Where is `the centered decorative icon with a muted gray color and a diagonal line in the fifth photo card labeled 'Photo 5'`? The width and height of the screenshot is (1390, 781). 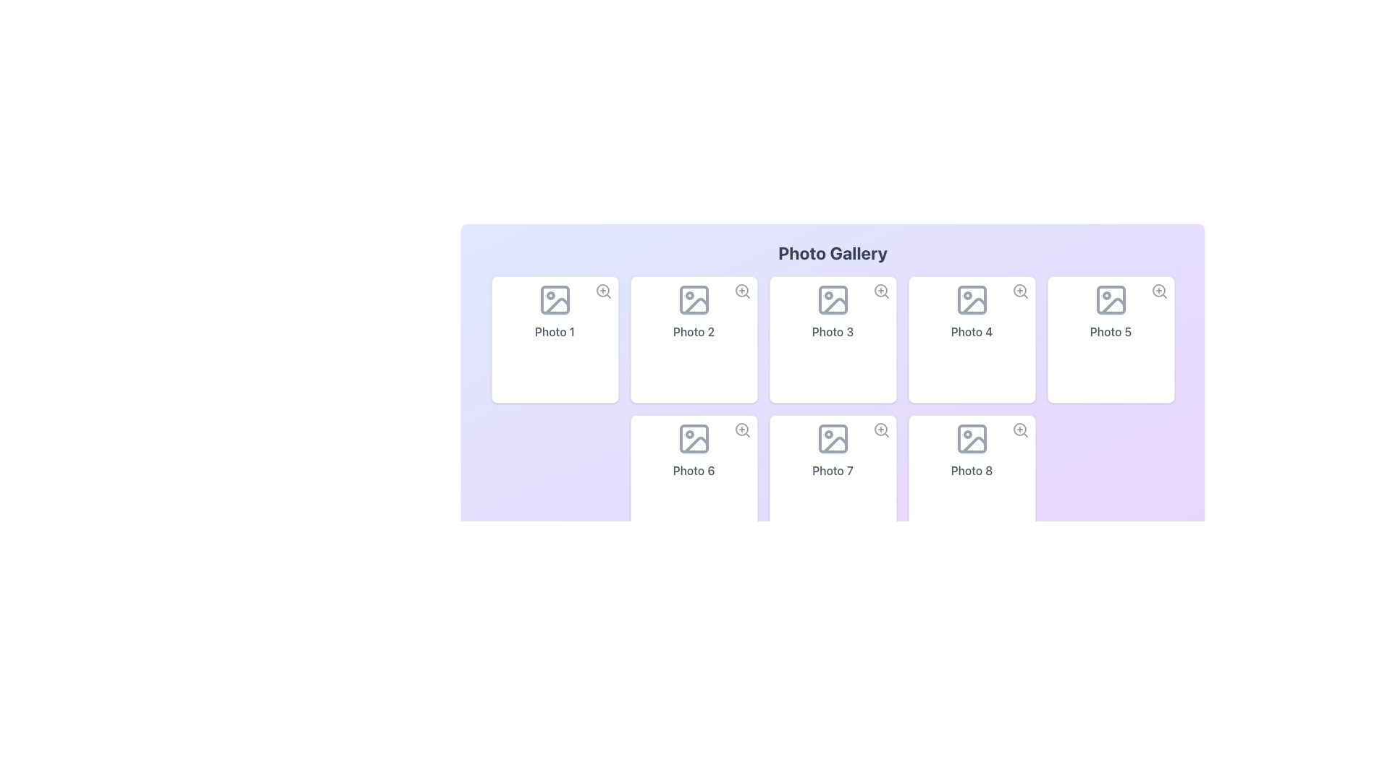 the centered decorative icon with a muted gray color and a diagonal line in the fifth photo card labeled 'Photo 5' is located at coordinates (1110, 299).